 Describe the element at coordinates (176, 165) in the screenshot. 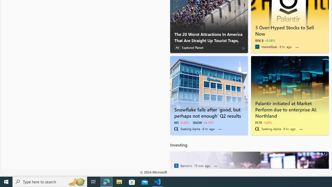

I see `'Barron'` at that location.